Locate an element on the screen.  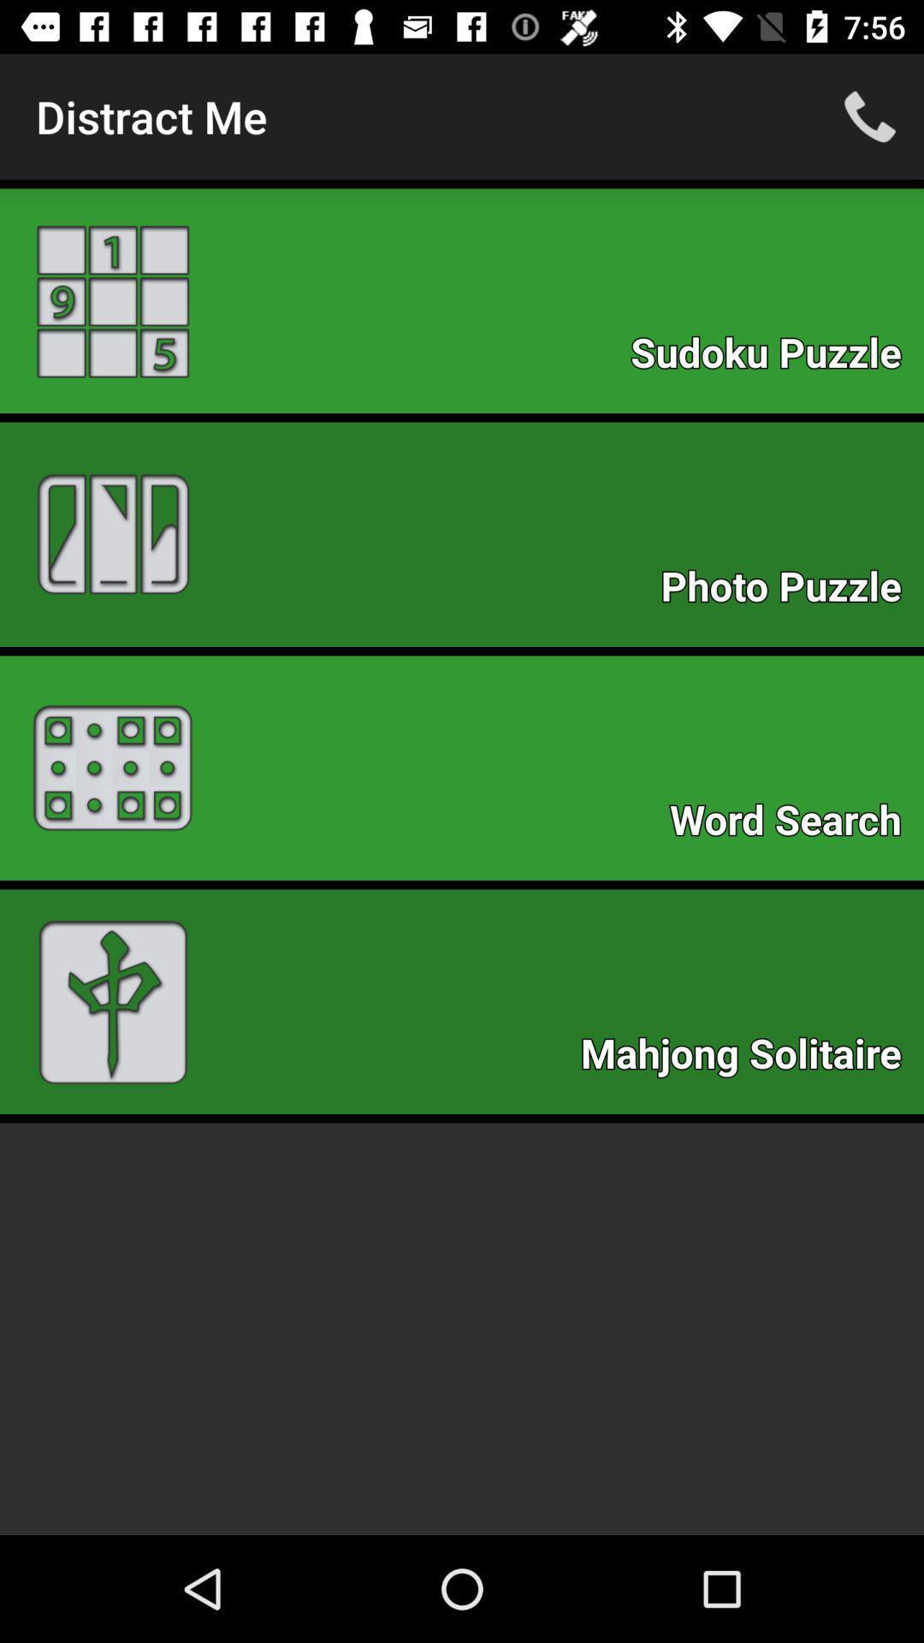
the item above mahjong solitaire icon is located at coordinates (794, 825).